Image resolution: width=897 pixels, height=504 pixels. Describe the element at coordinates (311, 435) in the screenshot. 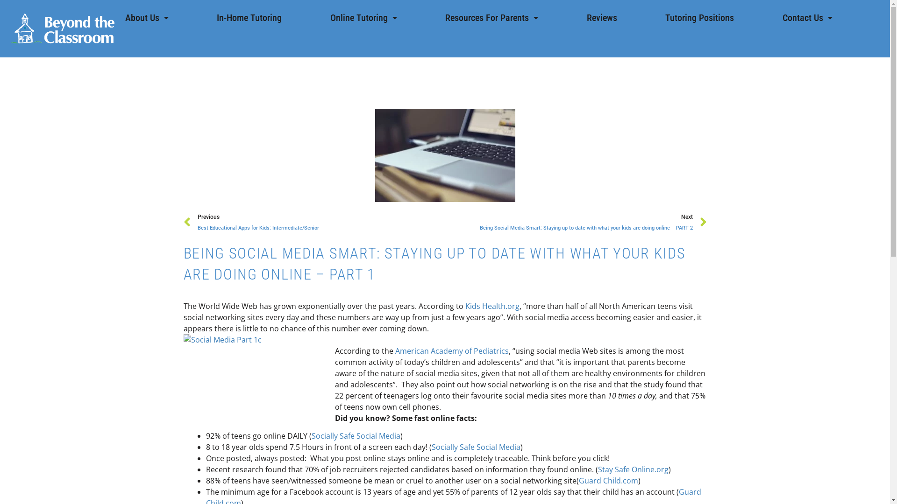

I see `'Socially Safe Social Media'` at that location.